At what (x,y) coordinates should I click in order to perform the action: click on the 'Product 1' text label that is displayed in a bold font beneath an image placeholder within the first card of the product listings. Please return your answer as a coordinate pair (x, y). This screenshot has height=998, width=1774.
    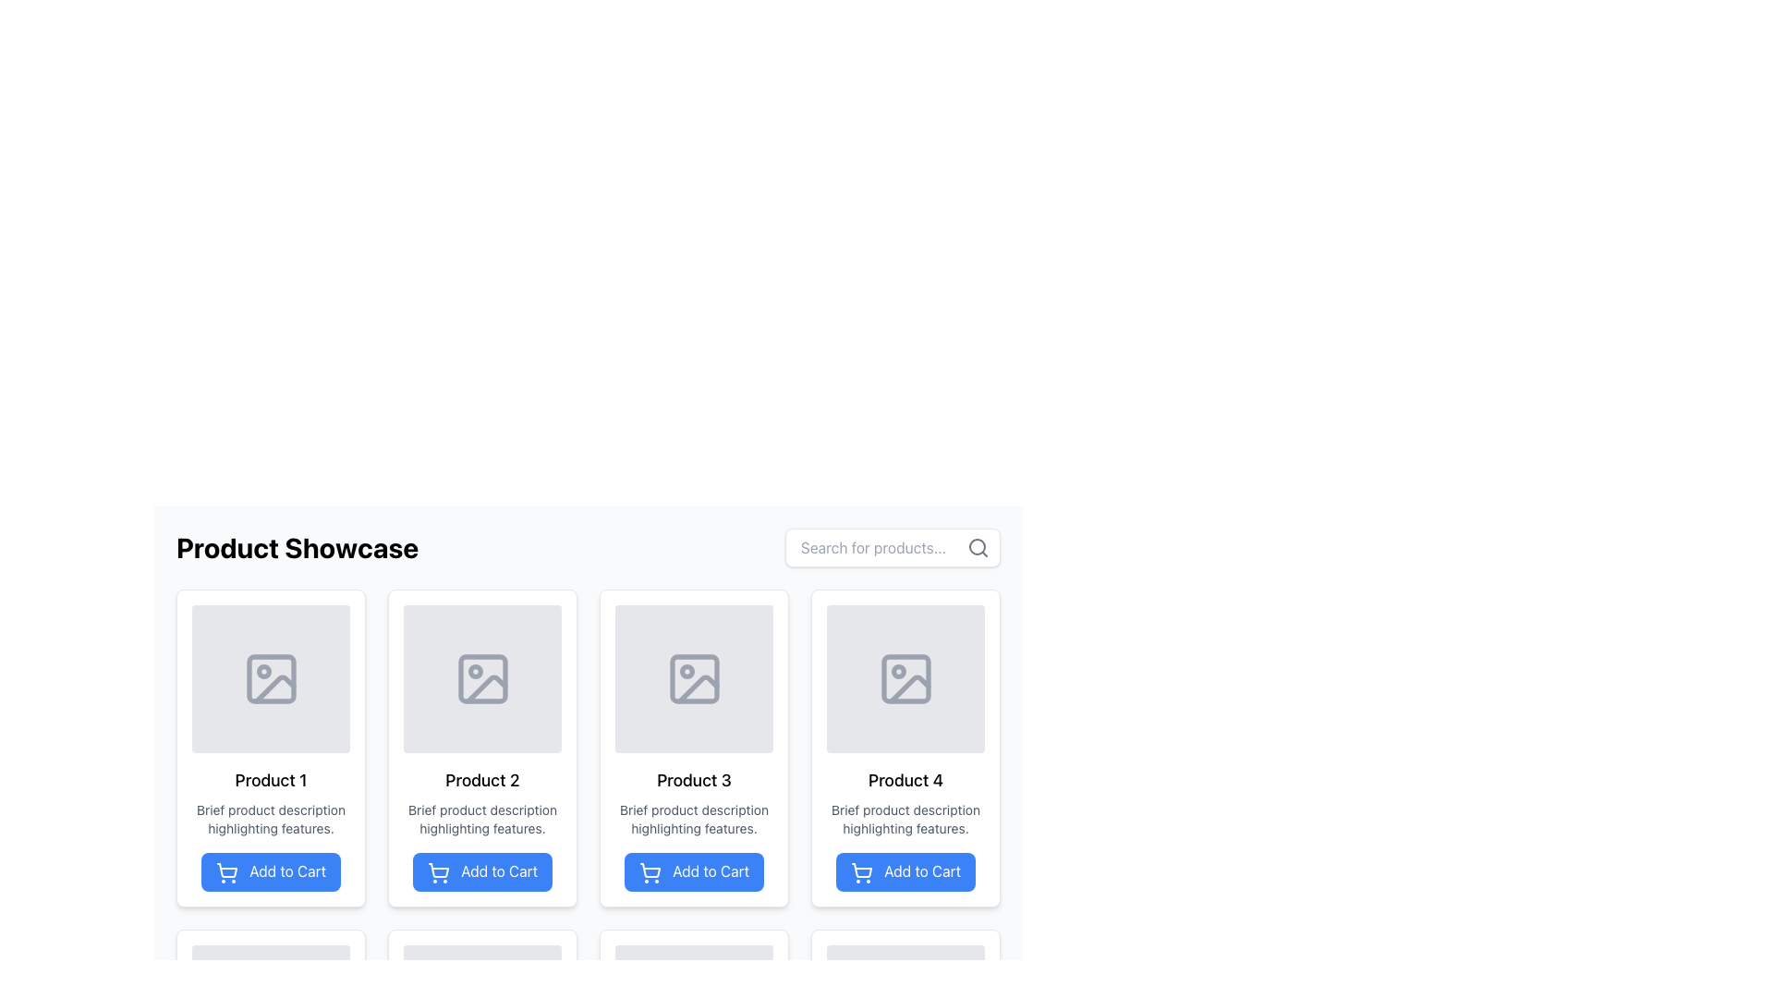
    Looking at the image, I should click on (270, 780).